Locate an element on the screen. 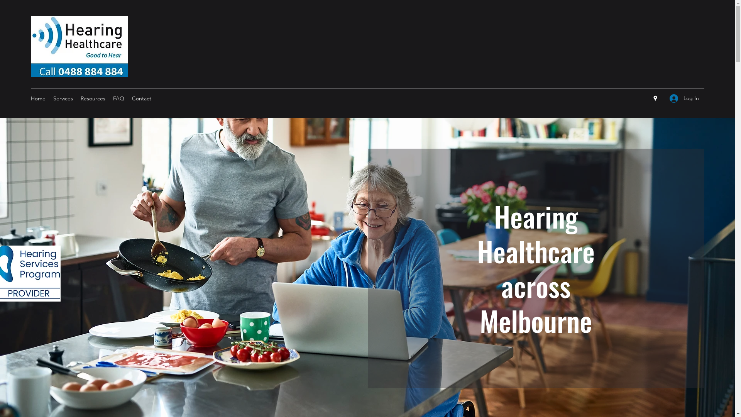 The height and width of the screenshot is (417, 741). 'Resources' is located at coordinates (93, 98).